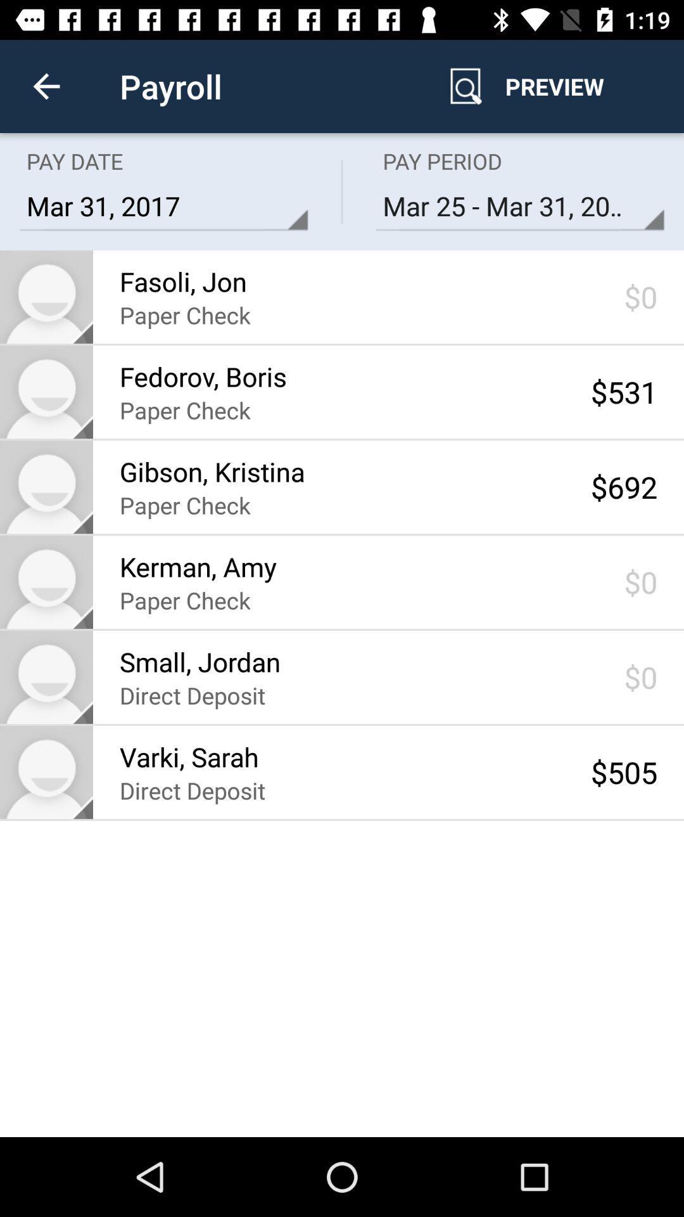 This screenshot has width=684, height=1217. I want to click on open fedorov boris contact, so click(46, 391).